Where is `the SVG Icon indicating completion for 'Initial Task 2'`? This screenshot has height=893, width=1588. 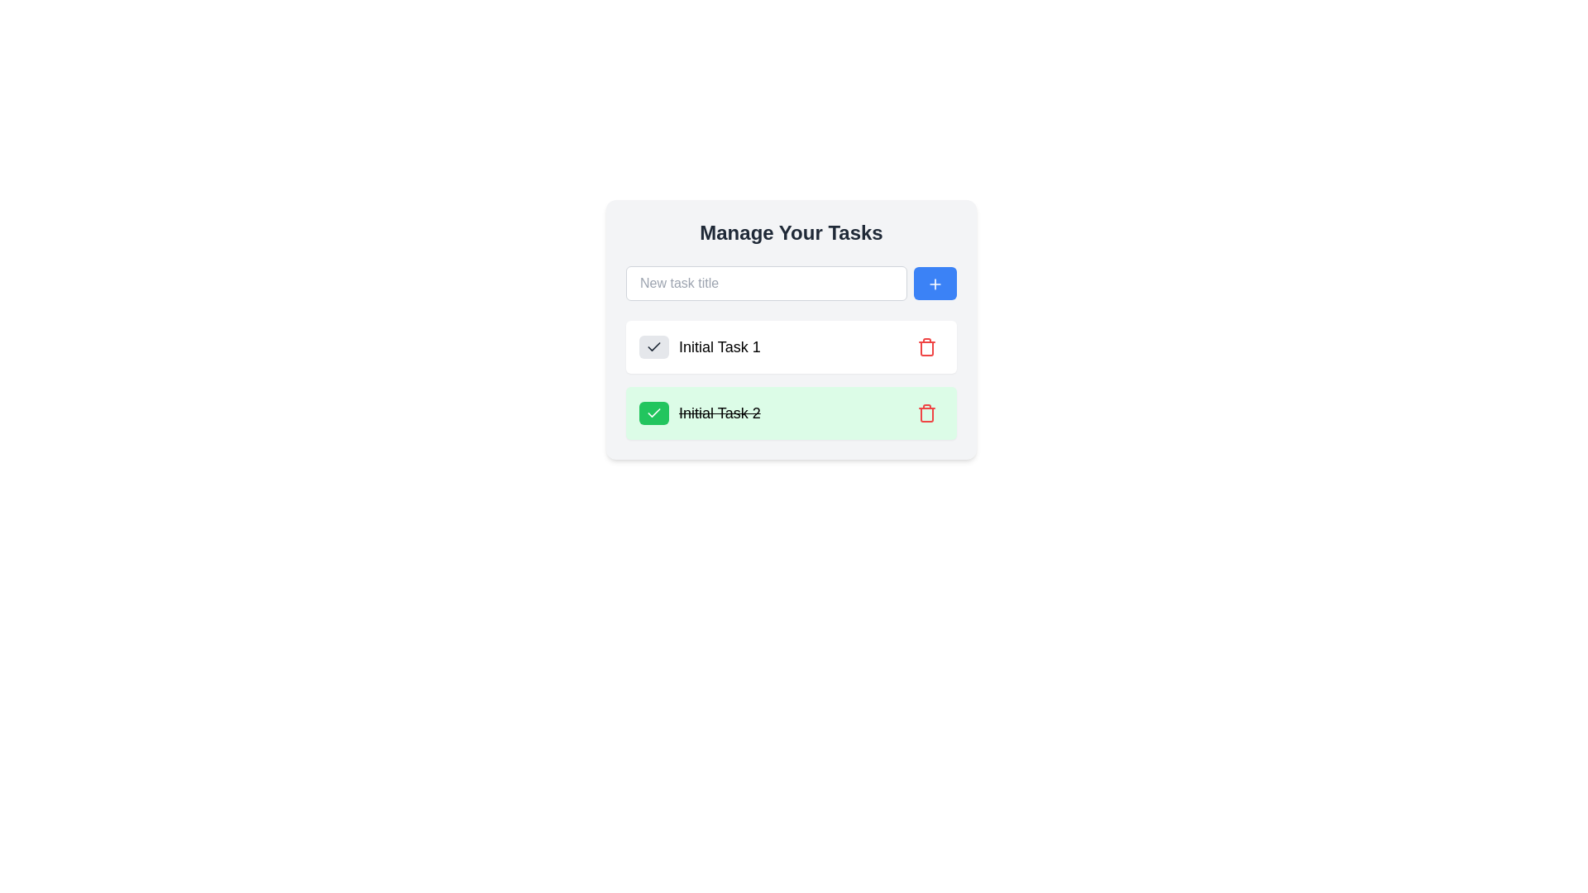
the SVG Icon indicating completion for 'Initial Task 2' is located at coordinates (653, 413).